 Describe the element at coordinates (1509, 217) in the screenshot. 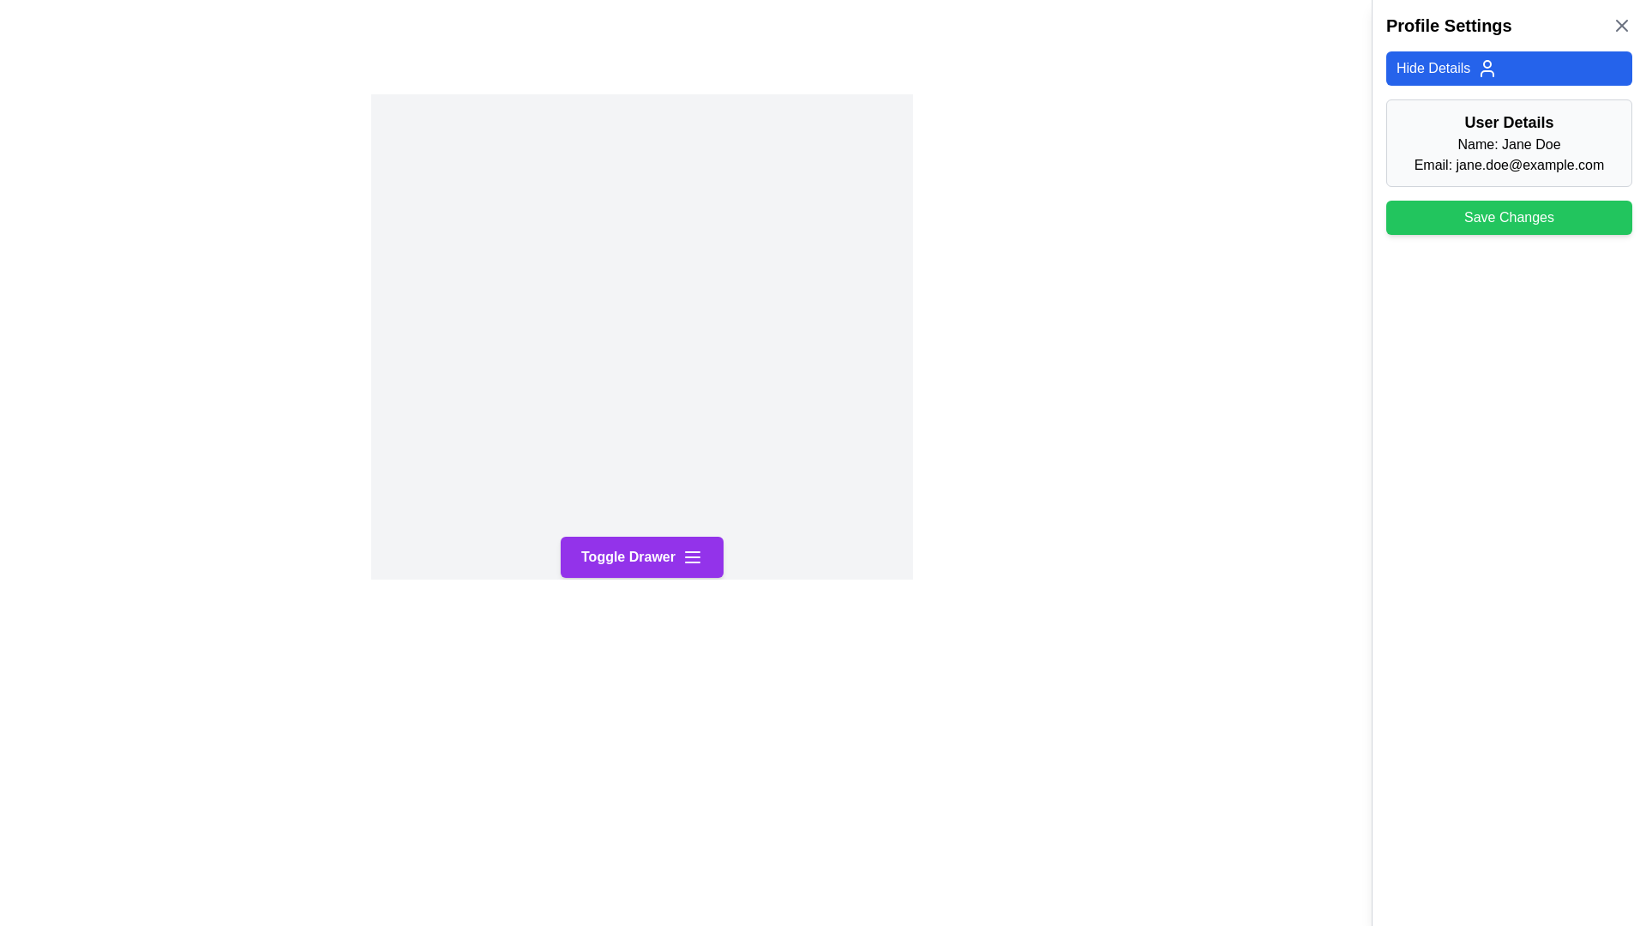

I see `the 'Save Changes' button located at the bottom right of the 'Profile Settings' panel` at that location.